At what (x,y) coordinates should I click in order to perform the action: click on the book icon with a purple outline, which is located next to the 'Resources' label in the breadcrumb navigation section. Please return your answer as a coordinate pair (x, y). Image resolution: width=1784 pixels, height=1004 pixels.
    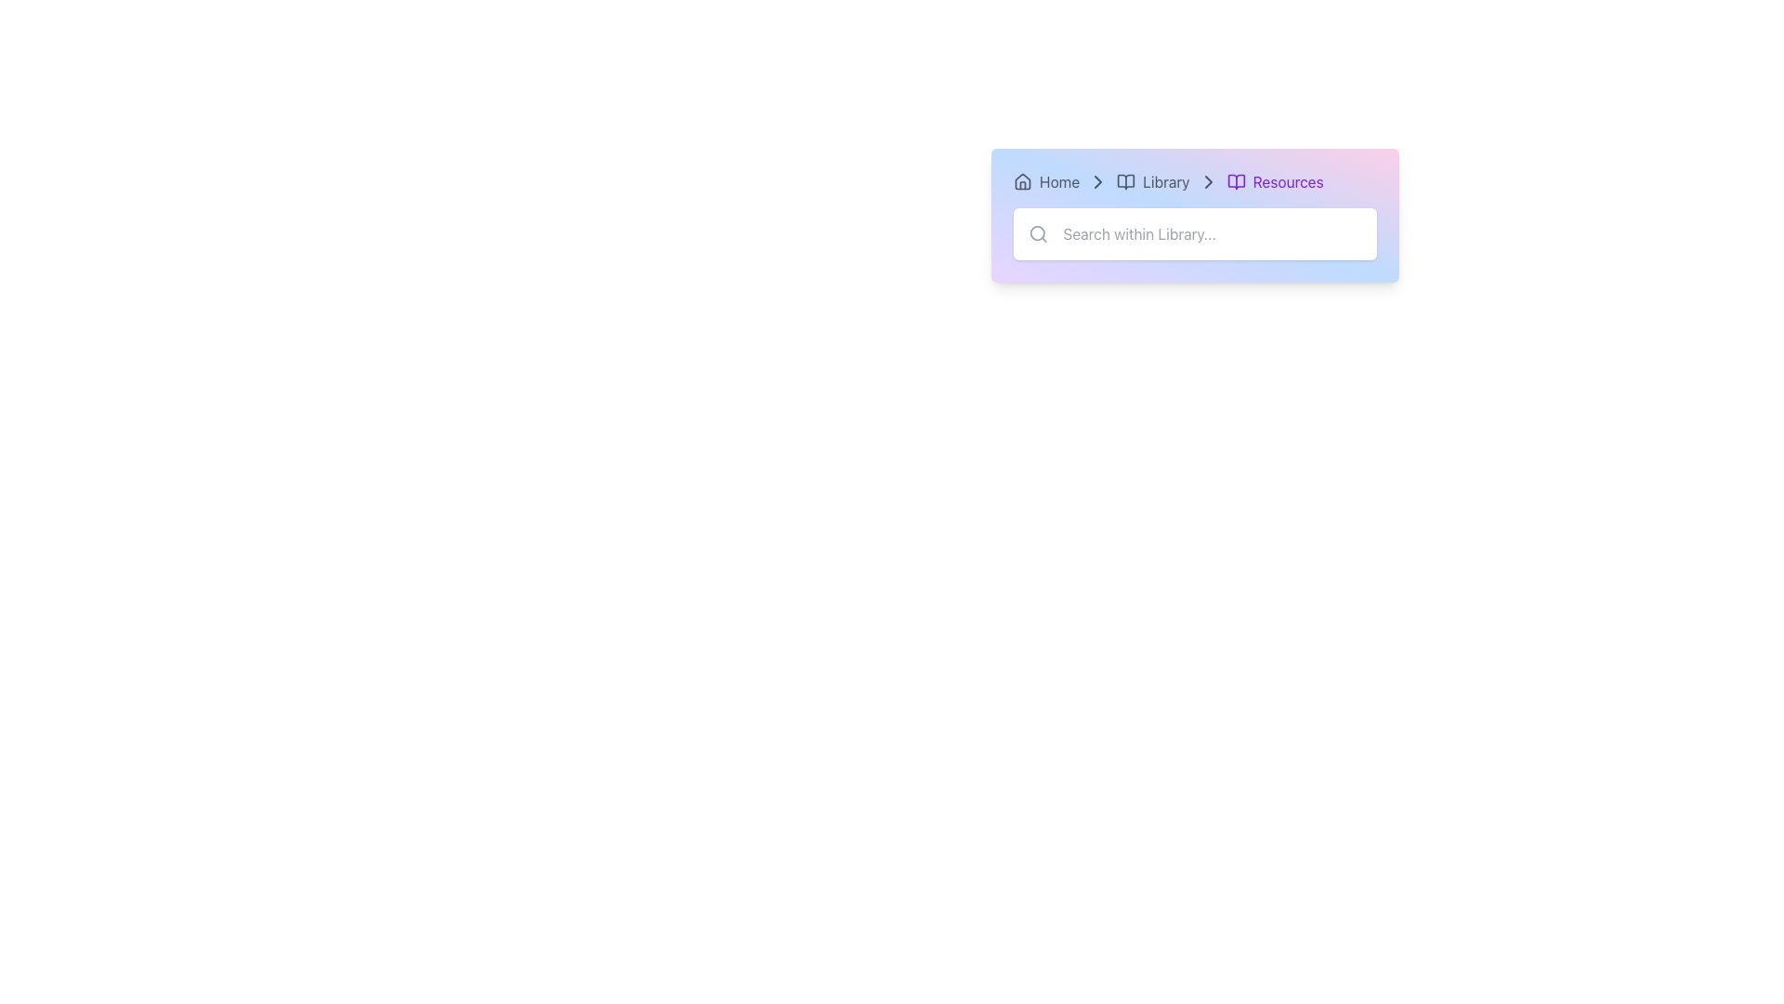
    Looking at the image, I should click on (1236, 182).